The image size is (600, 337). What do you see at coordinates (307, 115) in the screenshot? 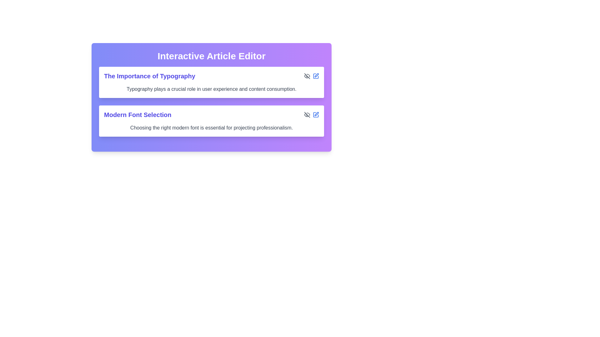
I see `the gray crossed-out eye icon button located to the right of the 'Modern Font Selection' title` at bounding box center [307, 115].